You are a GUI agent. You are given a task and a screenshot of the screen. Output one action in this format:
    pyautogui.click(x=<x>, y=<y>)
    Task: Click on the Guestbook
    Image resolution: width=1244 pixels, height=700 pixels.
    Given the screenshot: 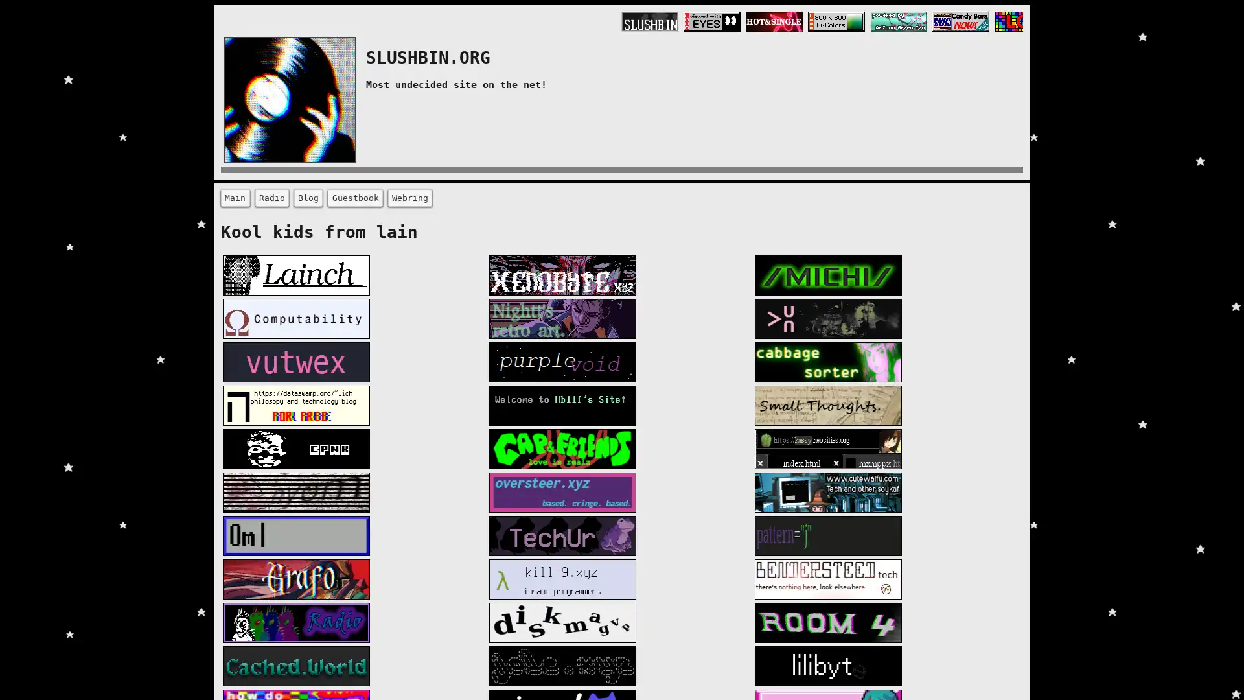 What is the action you would take?
    pyautogui.click(x=354, y=198)
    